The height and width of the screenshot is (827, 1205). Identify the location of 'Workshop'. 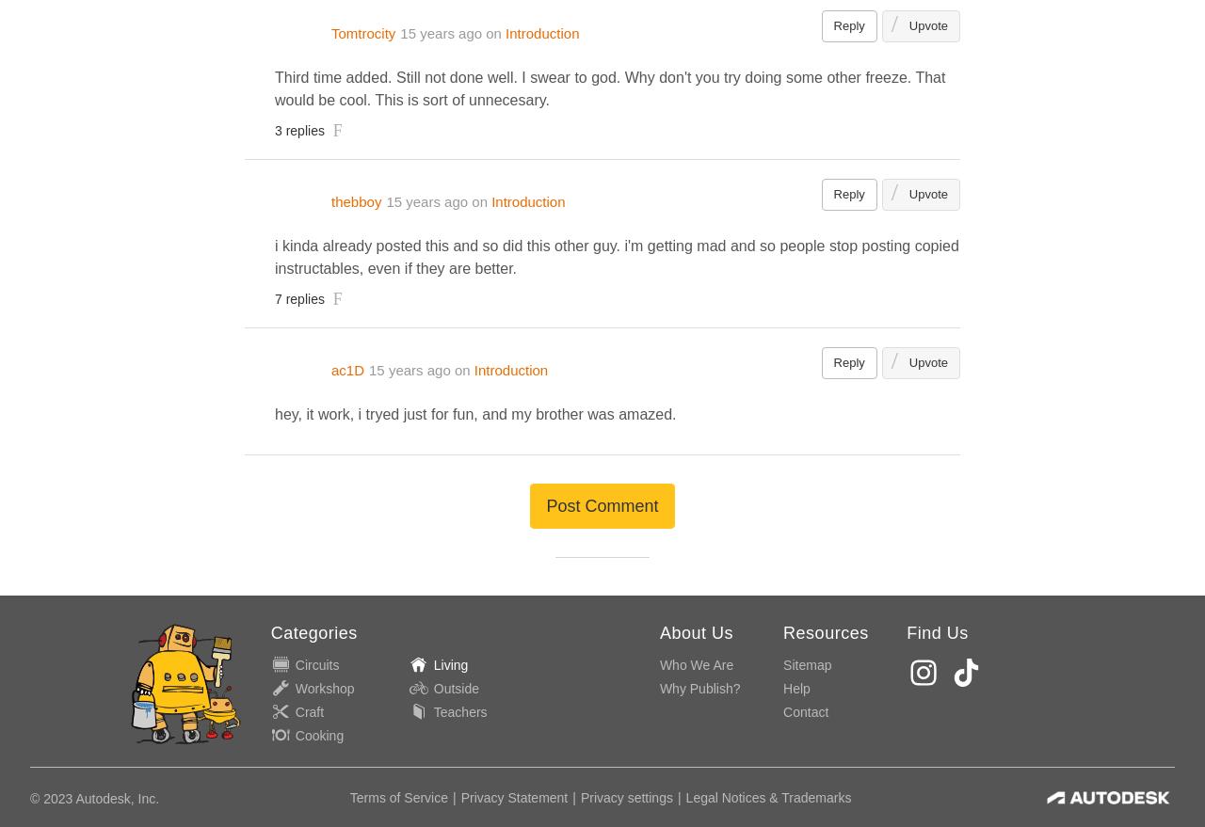
(324, 688).